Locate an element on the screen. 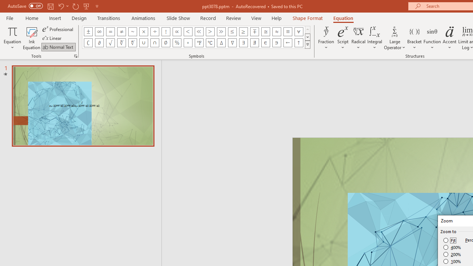 Image resolution: width=473 pixels, height=266 pixels. 'Equation Symbol Complement' is located at coordinates (88, 42).